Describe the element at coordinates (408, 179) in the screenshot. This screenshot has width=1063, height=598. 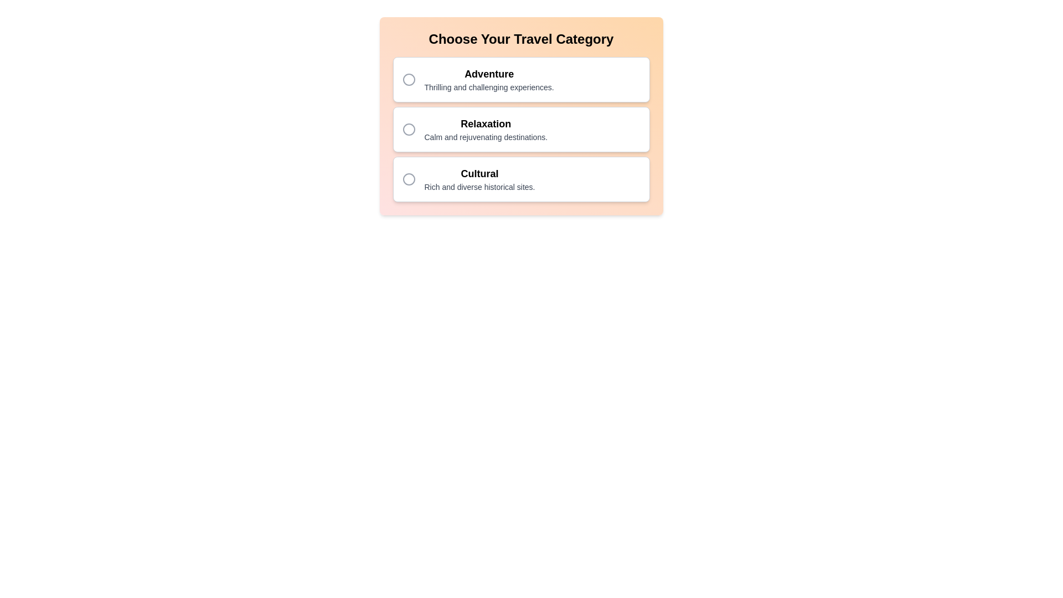
I see `the Circular SVG graphical component representing the unselected state of the radio button for the 'Cultural' option` at that location.